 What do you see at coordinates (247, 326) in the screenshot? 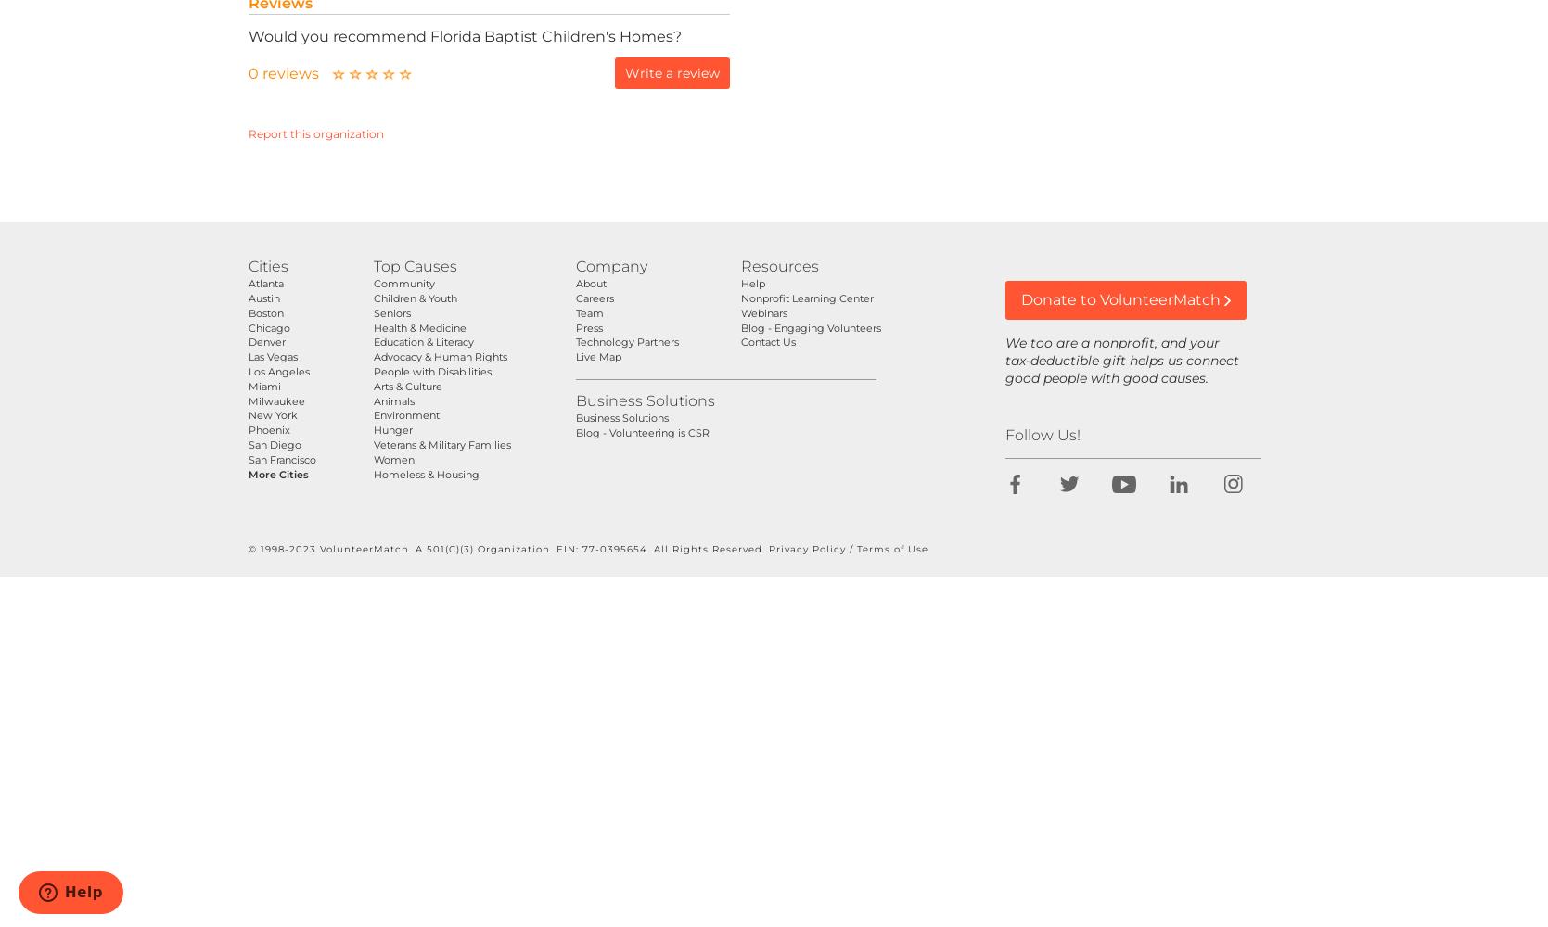
I see `'Chicago'` at bounding box center [247, 326].